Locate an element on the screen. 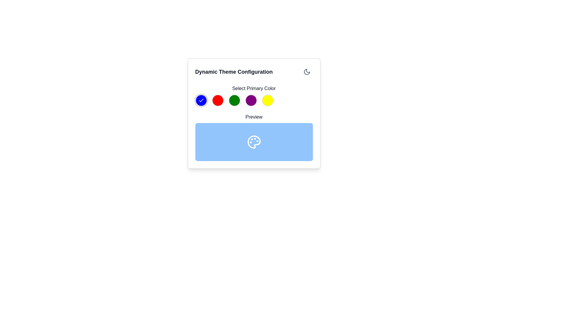 This screenshot has height=321, width=570. the visual preview panel located within the 'Dynamic Theme Configuration' section, directly below the 'Select Primary Color' section is located at coordinates (254, 137).